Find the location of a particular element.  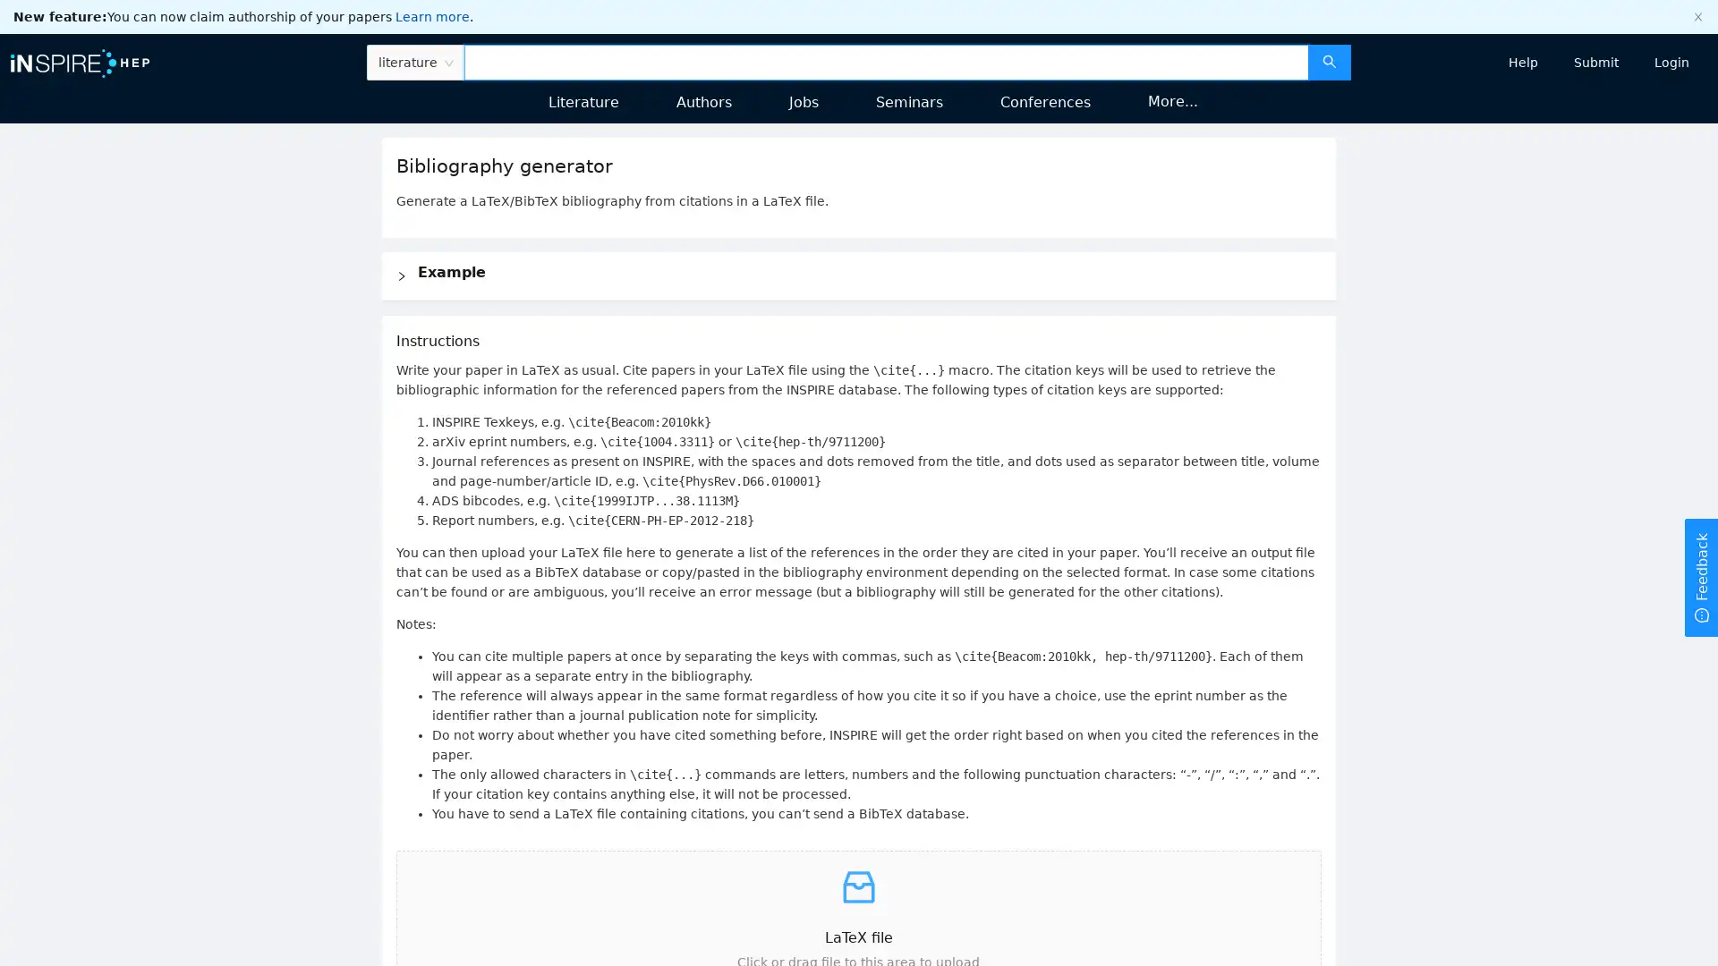

close is located at coordinates (1697, 17).